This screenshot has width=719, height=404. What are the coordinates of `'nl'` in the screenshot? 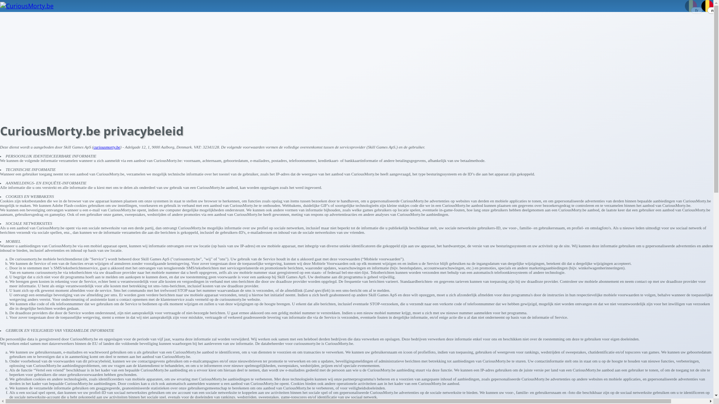 It's located at (707, 4).